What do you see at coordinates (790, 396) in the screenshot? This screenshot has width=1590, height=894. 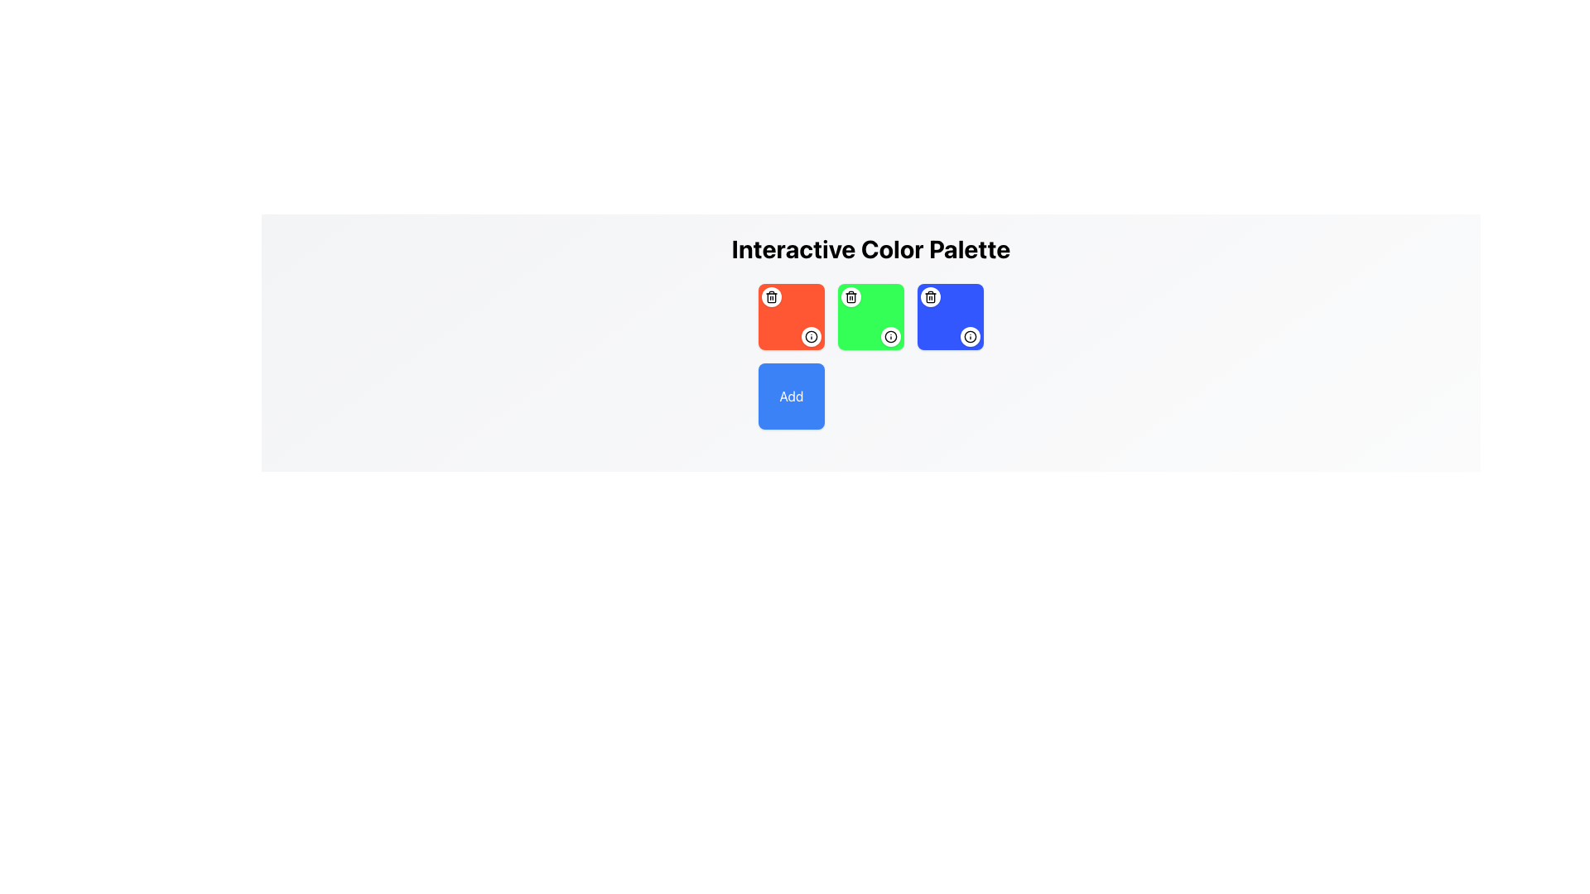 I see `the blue 'Add' button located in the bottom-left corner of the grid layout` at bounding box center [790, 396].